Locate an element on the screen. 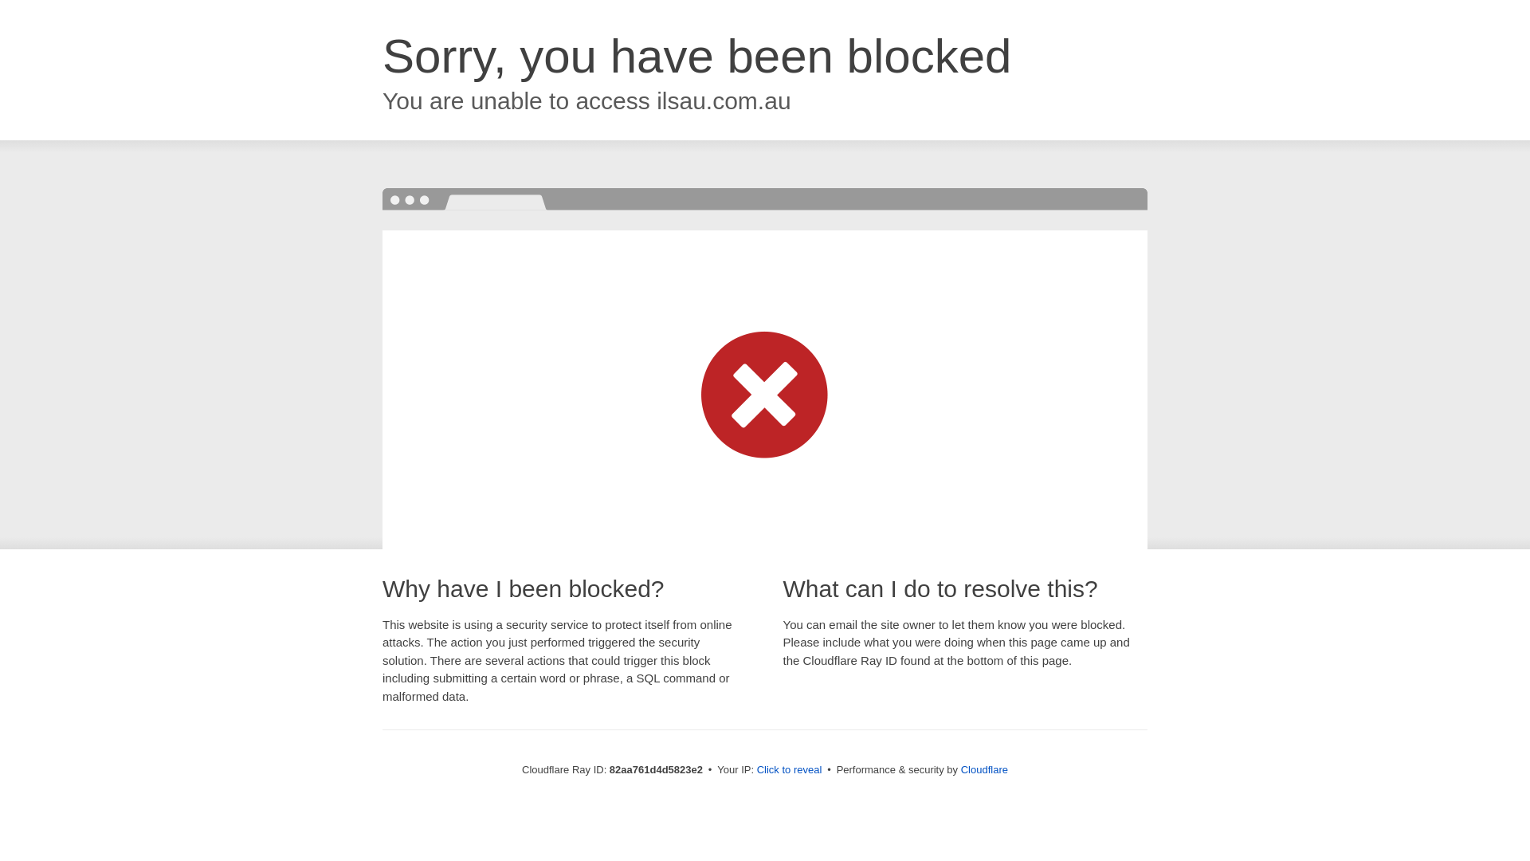 The height and width of the screenshot is (861, 1530). 'Click to reveal' is located at coordinates (789, 769).